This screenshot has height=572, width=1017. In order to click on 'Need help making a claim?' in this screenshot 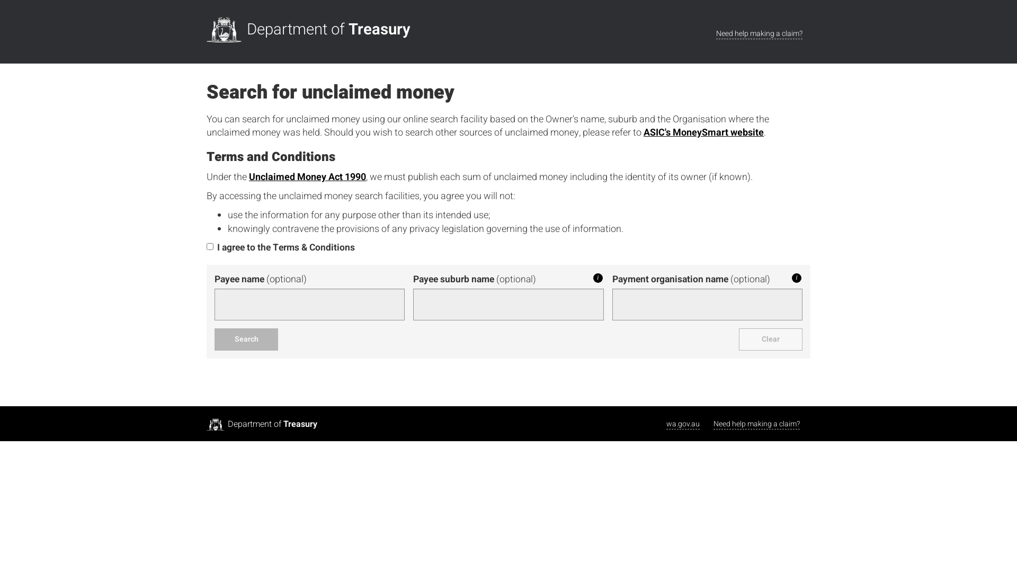, I will do `click(759, 33)`.